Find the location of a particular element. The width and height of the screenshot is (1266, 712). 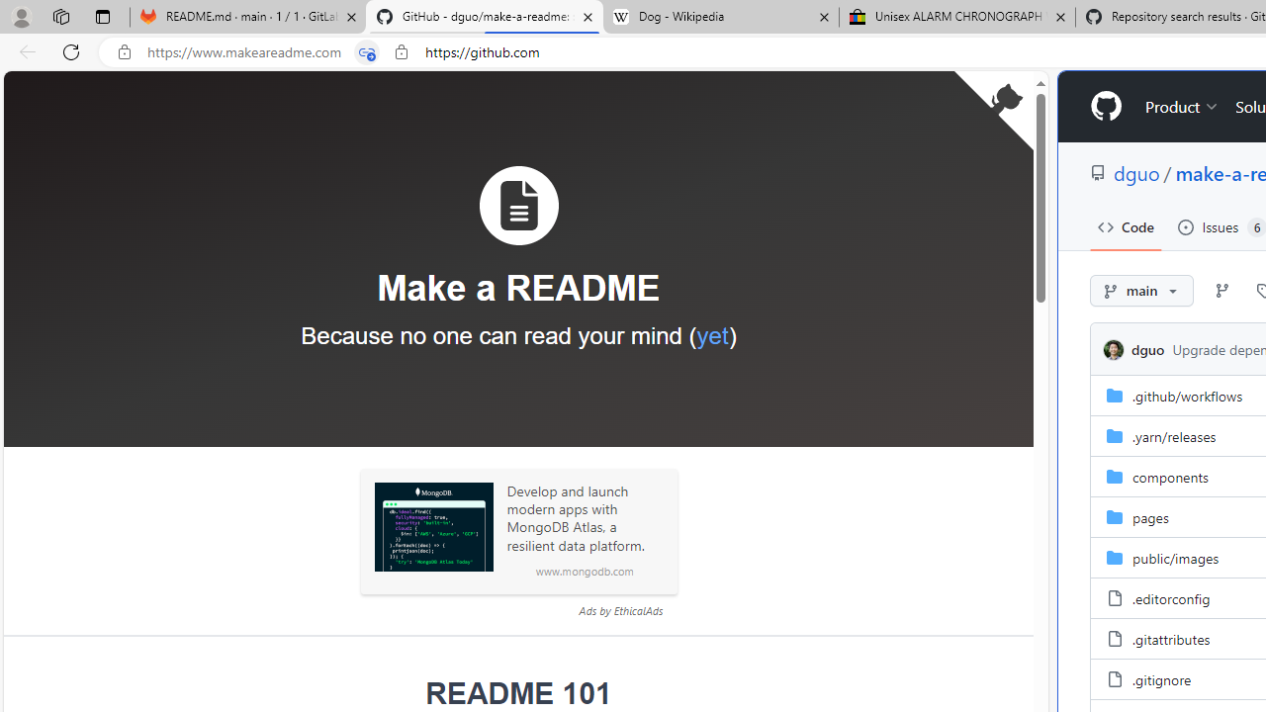

'Sponsored: MongoDB' is located at coordinates (432, 526).